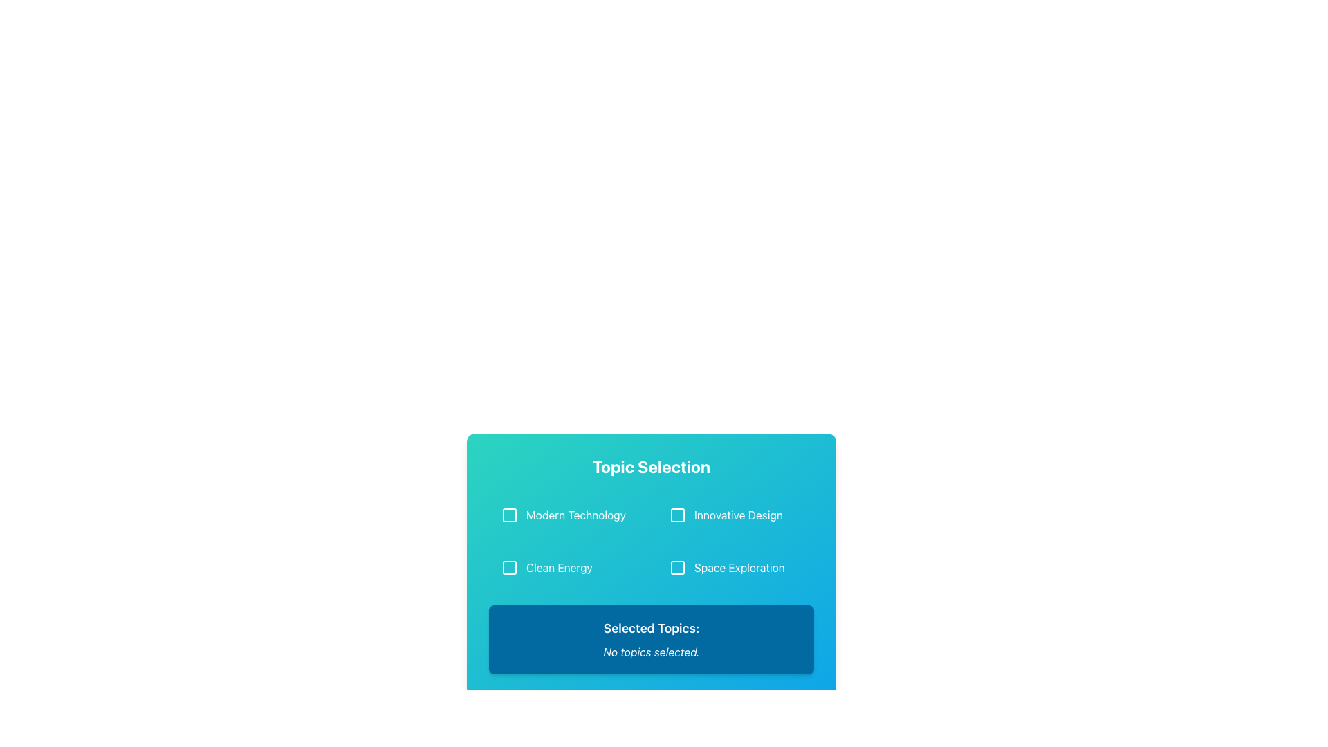 The height and width of the screenshot is (747, 1328). What do you see at coordinates (650, 552) in the screenshot?
I see `the interactive card featuring checkboxes and information display, which is located in the lower middle section of the interface and has a gradient background from teal to sky blue` at bounding box center [650, 552].